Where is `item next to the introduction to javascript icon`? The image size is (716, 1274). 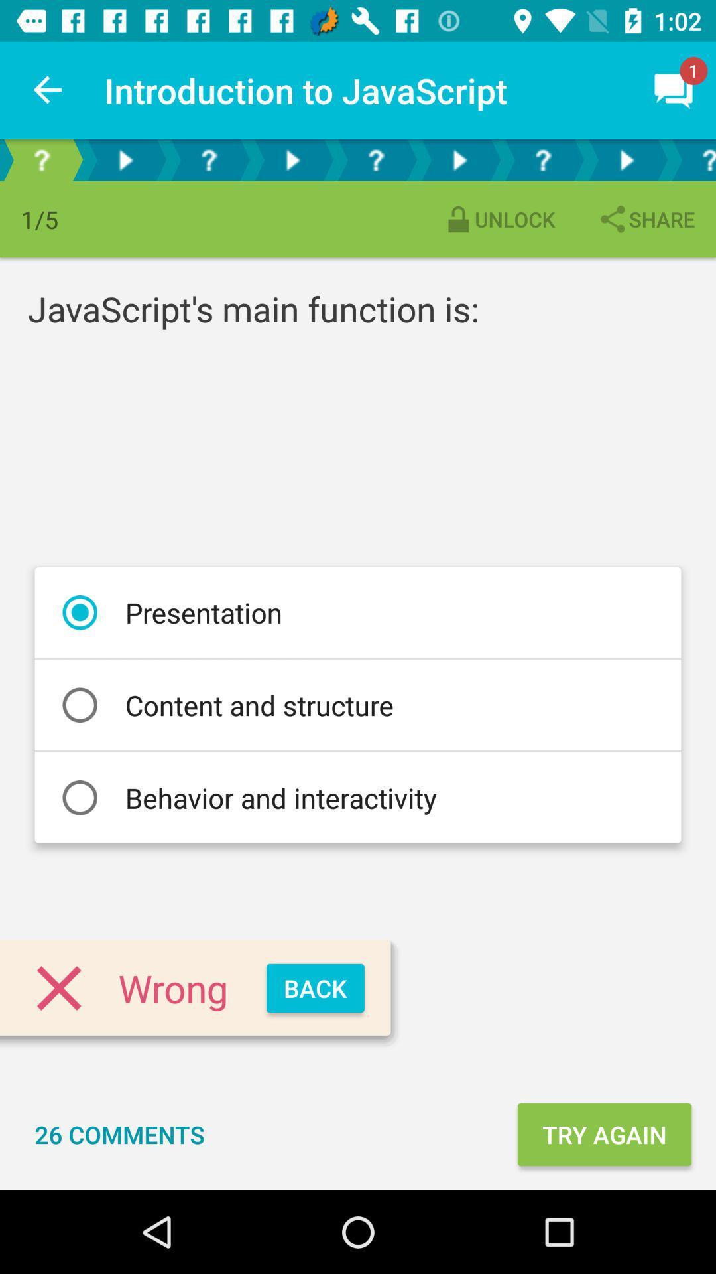
item next to the introduction to javascript icon is located at coordinates (48, 90).